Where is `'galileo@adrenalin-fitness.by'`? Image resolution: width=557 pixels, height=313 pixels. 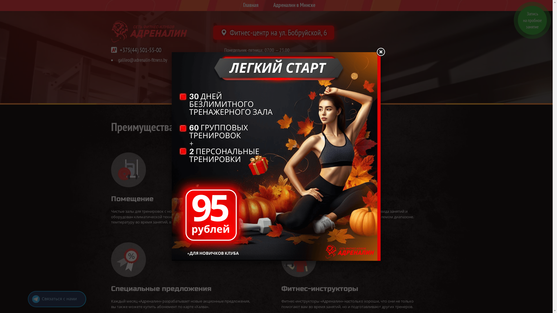
'galileo@adrenalin-fitness.by' is located at coordinates (142, 60).